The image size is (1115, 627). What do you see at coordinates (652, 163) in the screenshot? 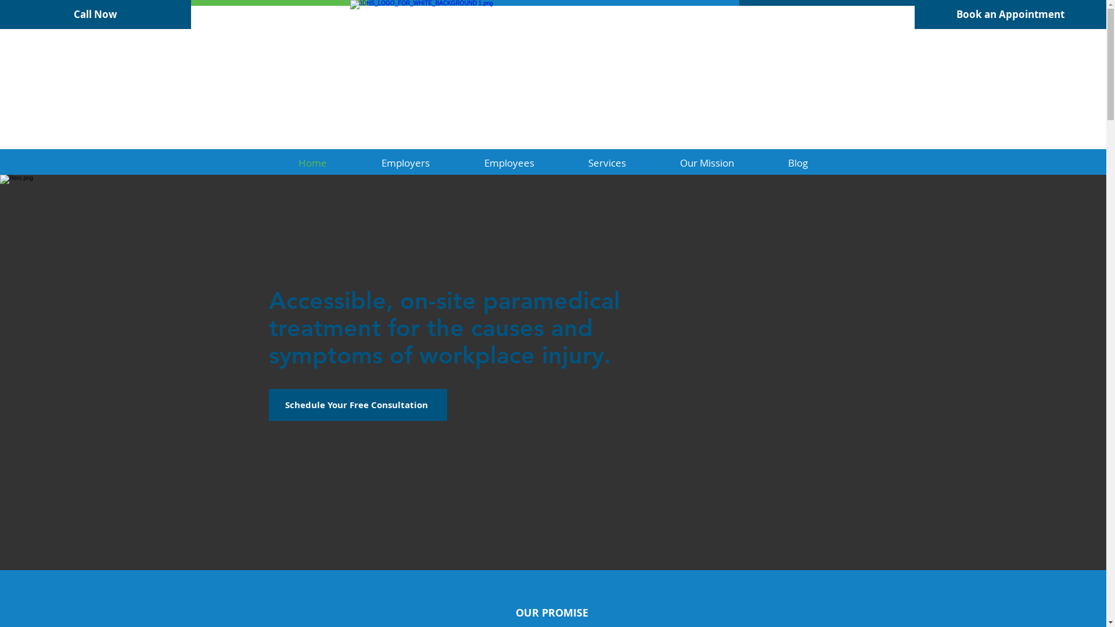
I see `'Our Mission'` at bounding box center [652, 163].